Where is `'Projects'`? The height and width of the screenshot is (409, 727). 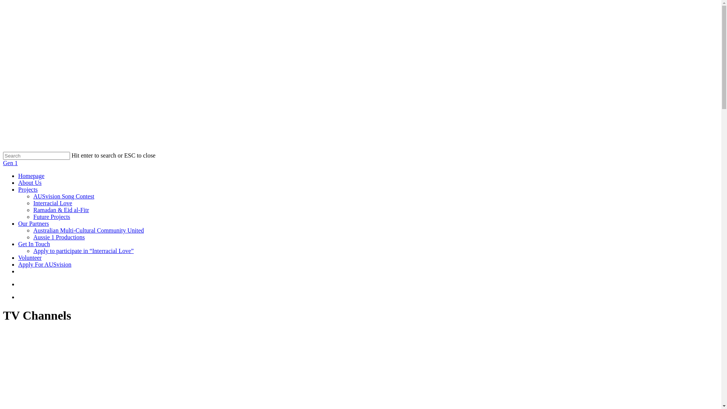 'Projects' is located at coordinates (28, 189).